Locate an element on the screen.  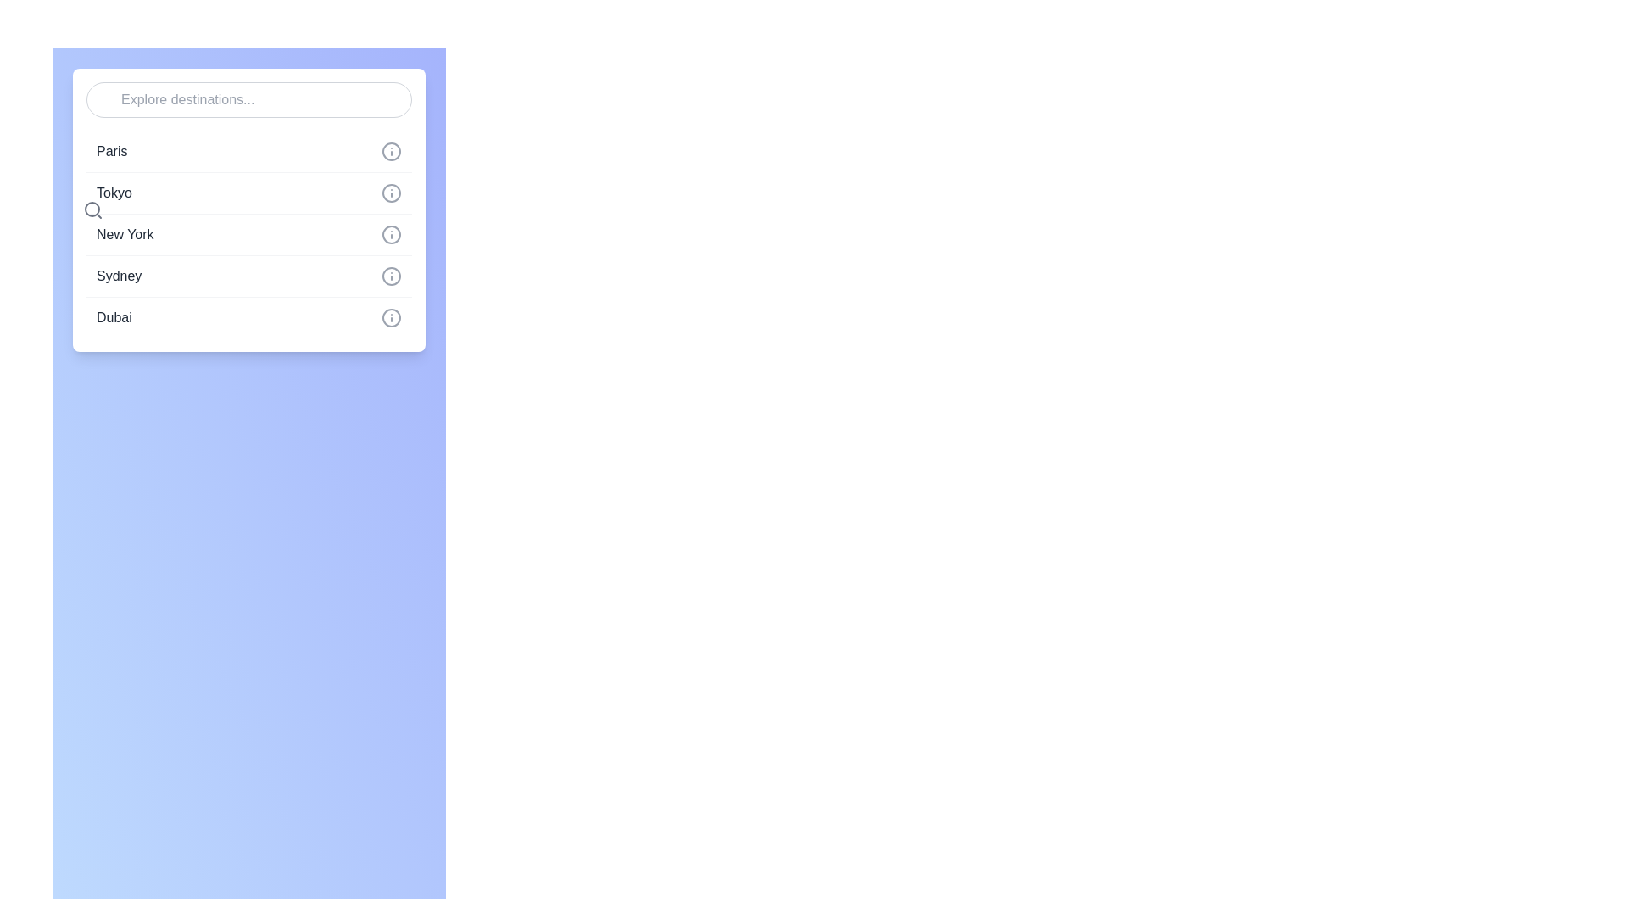
the 'info' icon located to the far right of the 'Sydney' list item to retrieve additional information is located at coordinates (390, 276).